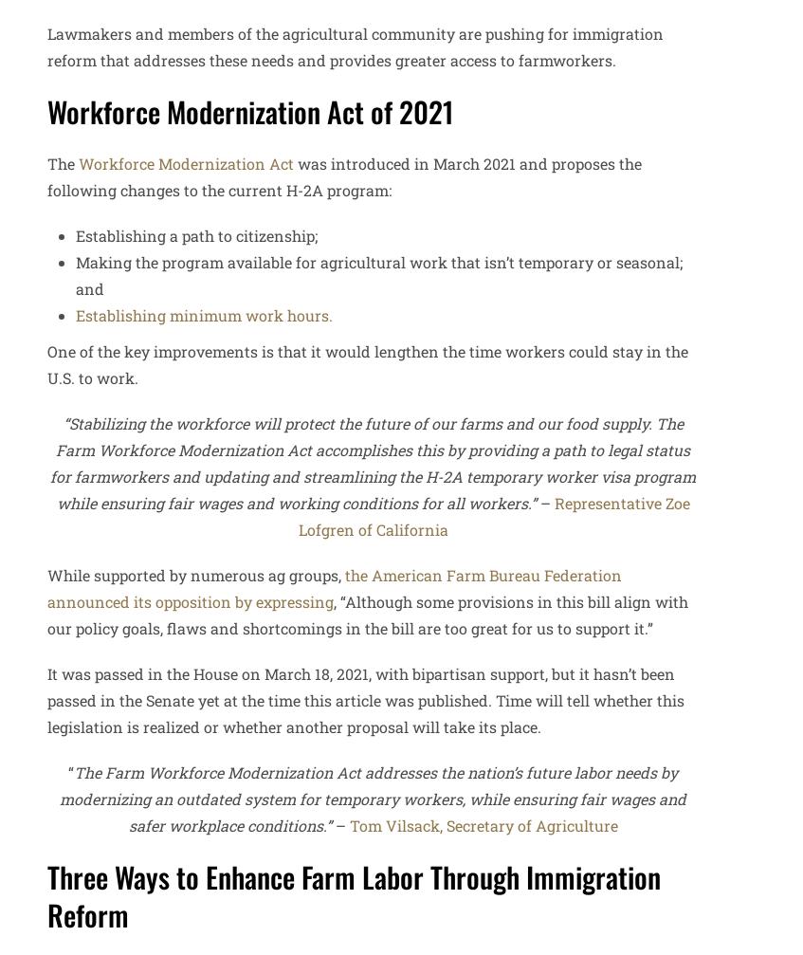  Describe the element at coordinates (367, 613) in the screenshot. I see `', “Although some provisions in this bill align with our policy goals, flaws and shortcomings in the bill are too great for us to support it.”'` at that location.